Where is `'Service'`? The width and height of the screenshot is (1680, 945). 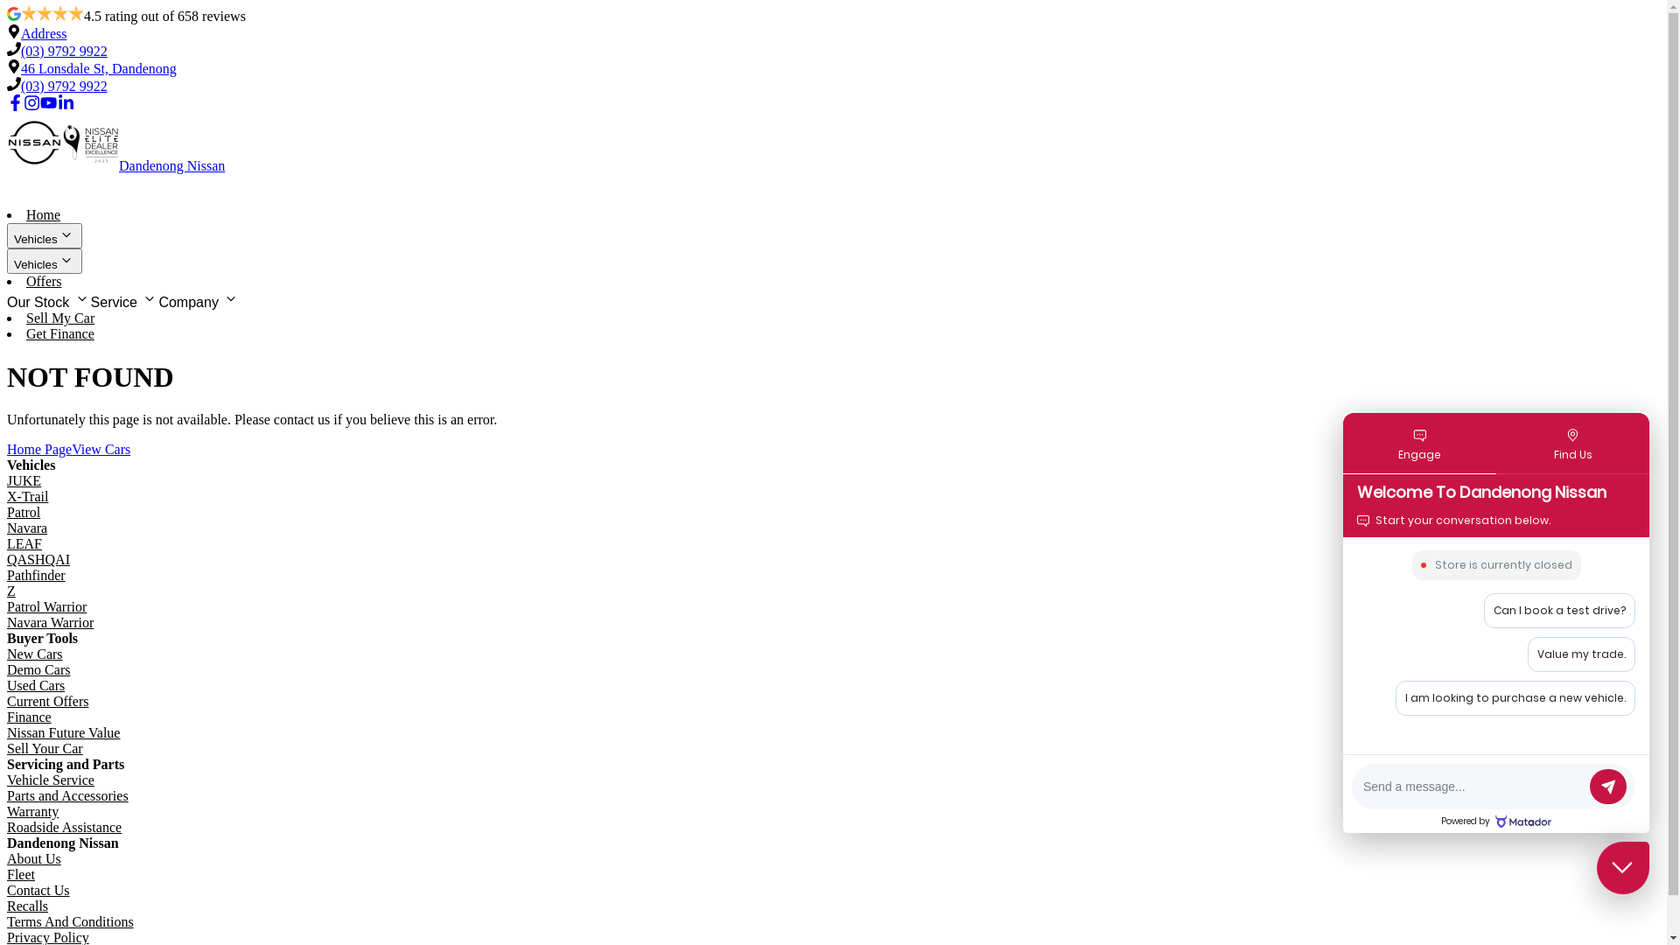 'Service' is located at coordinates (90, 299).